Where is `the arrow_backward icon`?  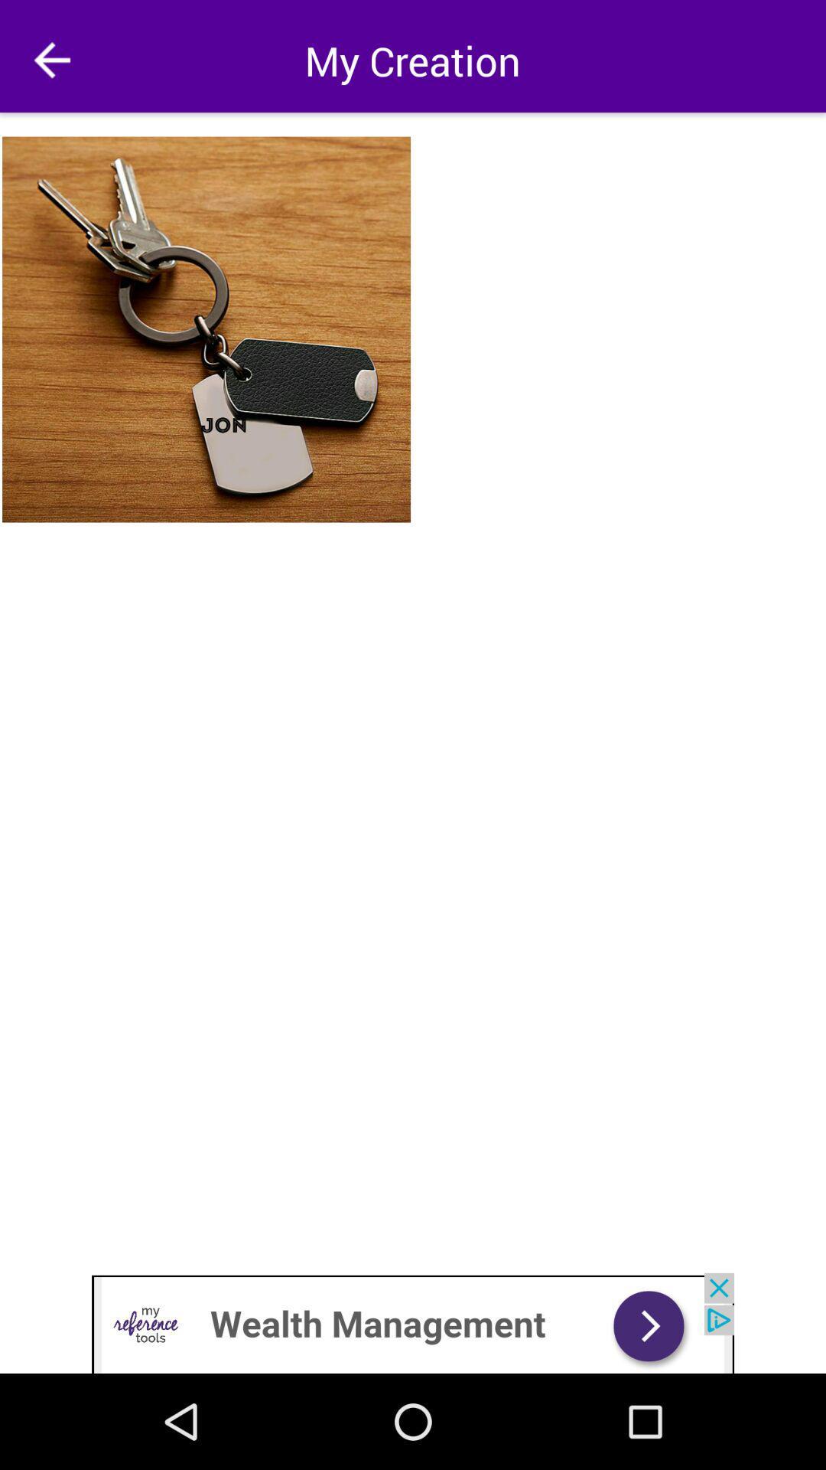
the arrow_backward icon is located at coordinates (51, 64).